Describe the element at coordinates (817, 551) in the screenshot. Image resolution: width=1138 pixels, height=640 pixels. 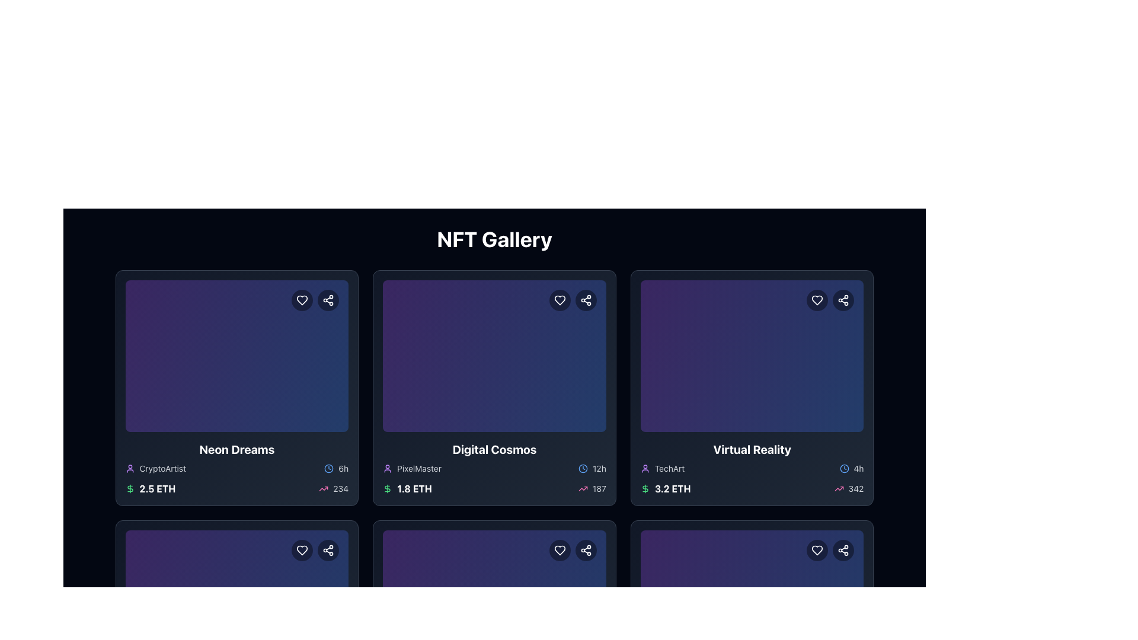
I see `the circular button with a dark translucent background and a white heart icon located in the top-right corner of the card to trigger a tooltip or effect` at that location.